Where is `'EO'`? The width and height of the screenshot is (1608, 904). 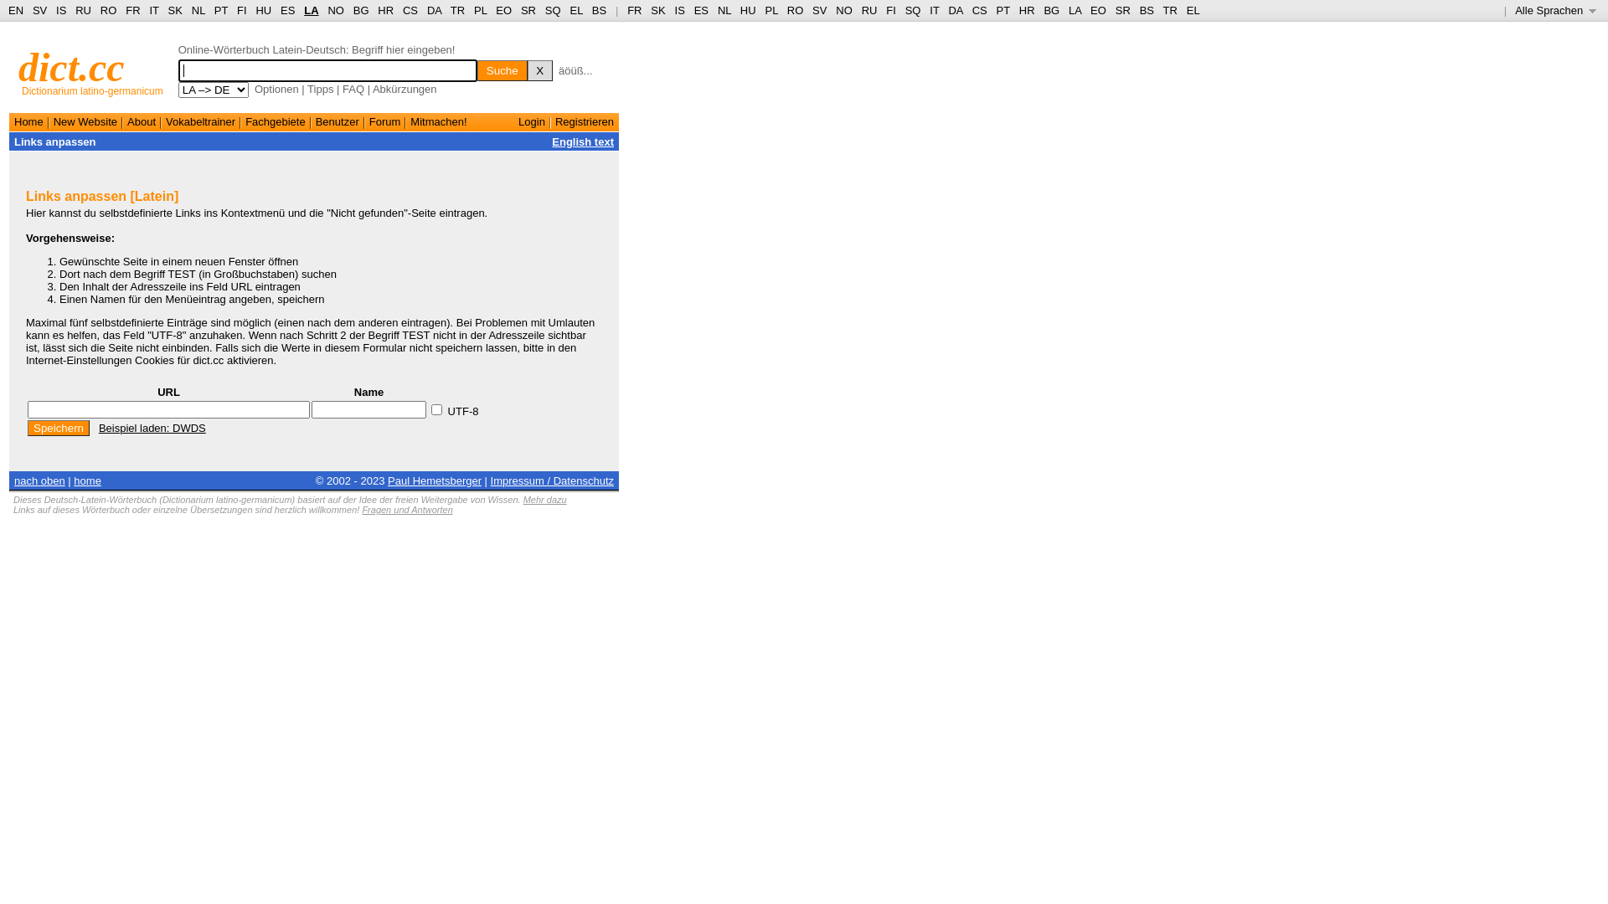
'EO' is located at coordinates (1098, 10).